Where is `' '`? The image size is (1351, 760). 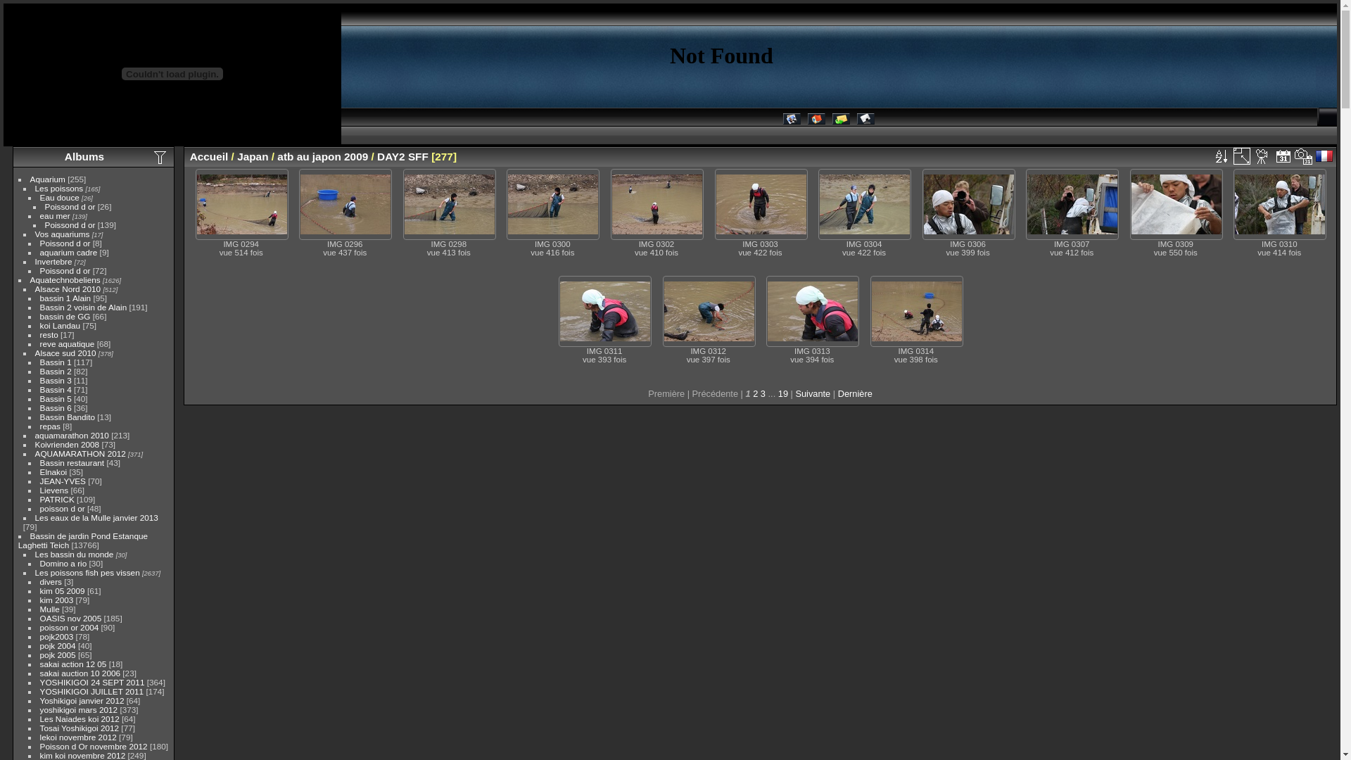 ' ' is located at coordinates (1242, 156).